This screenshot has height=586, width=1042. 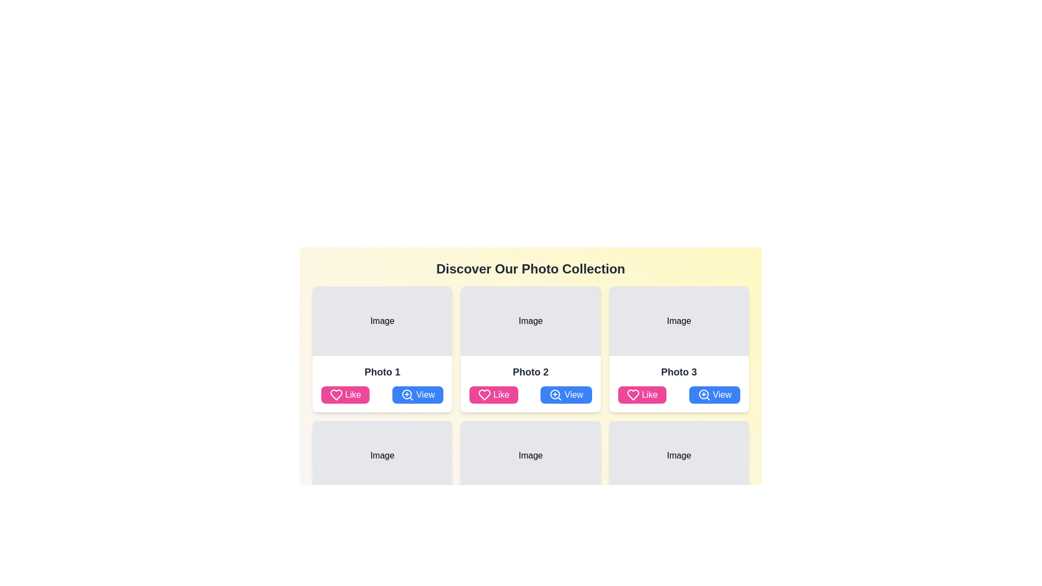 I want to click on the 'view' button located to the right of the pink 'Like' button and below the 'Photo 2' title, so click(x=566, y=395).